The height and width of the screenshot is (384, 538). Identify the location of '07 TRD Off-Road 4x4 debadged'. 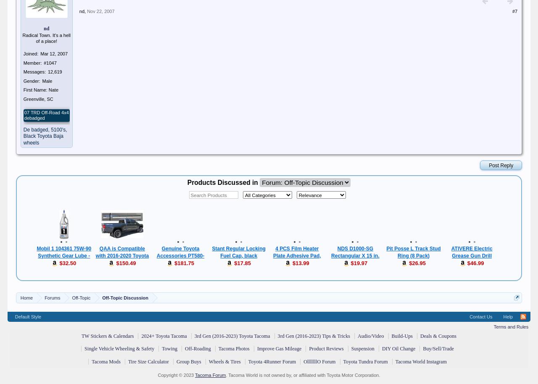
(45, 115).